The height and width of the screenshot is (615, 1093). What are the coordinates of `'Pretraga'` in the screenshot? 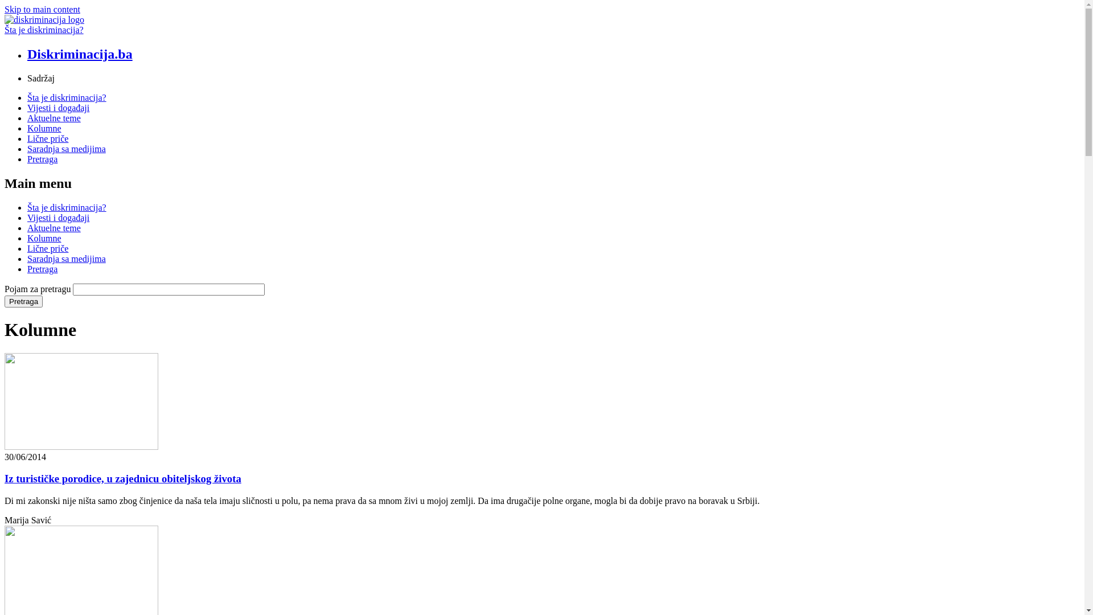 It's located at (42, 269).